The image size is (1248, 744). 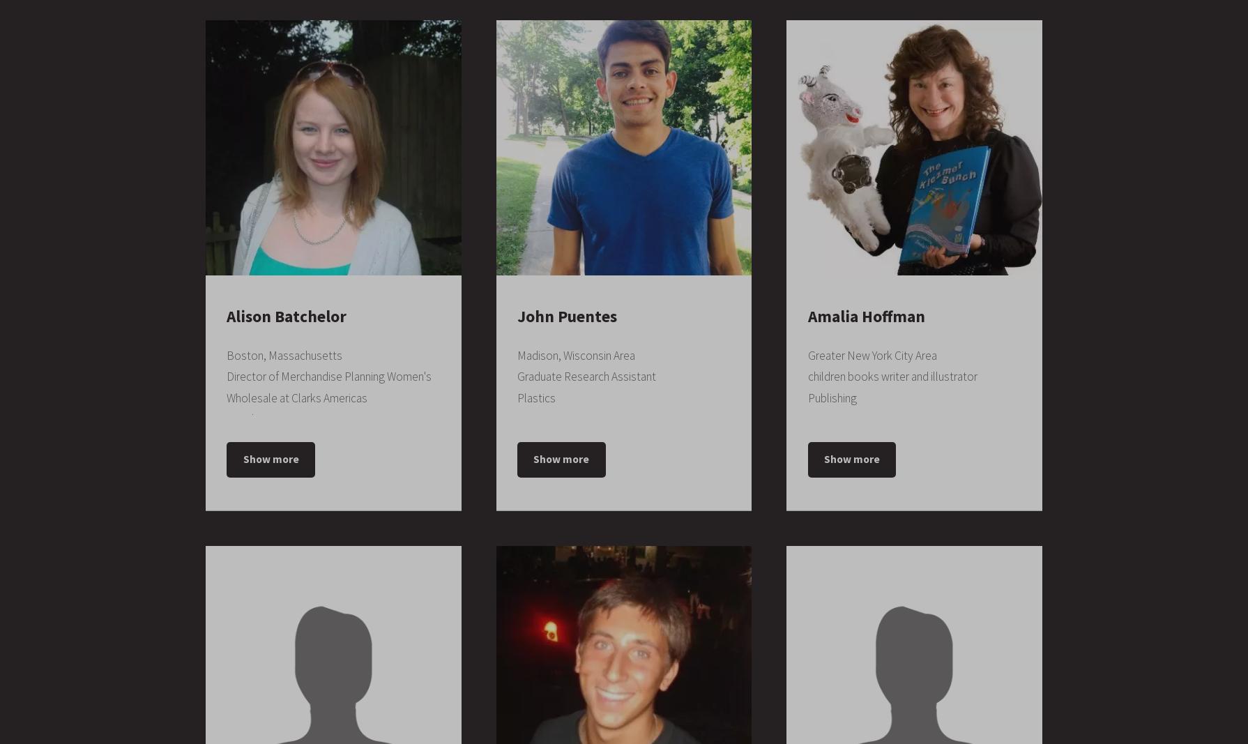 What do you see at coordinates (294, 317) in the screenshot?
I see `'May 1994 – June 2000'` at bounding box center [294, 317].